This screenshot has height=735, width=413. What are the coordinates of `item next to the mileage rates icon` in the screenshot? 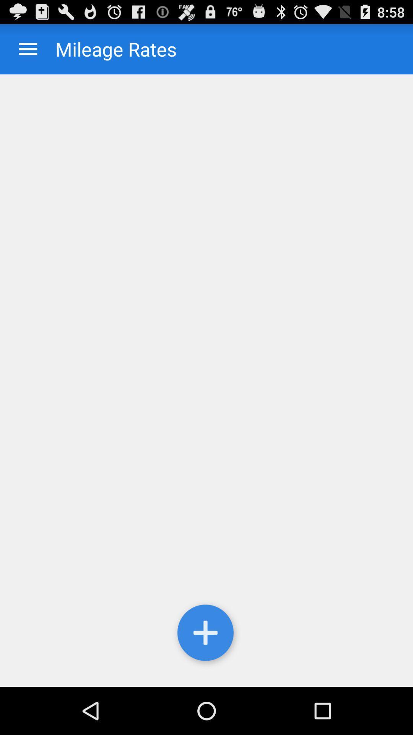 It's located at (28, 49).